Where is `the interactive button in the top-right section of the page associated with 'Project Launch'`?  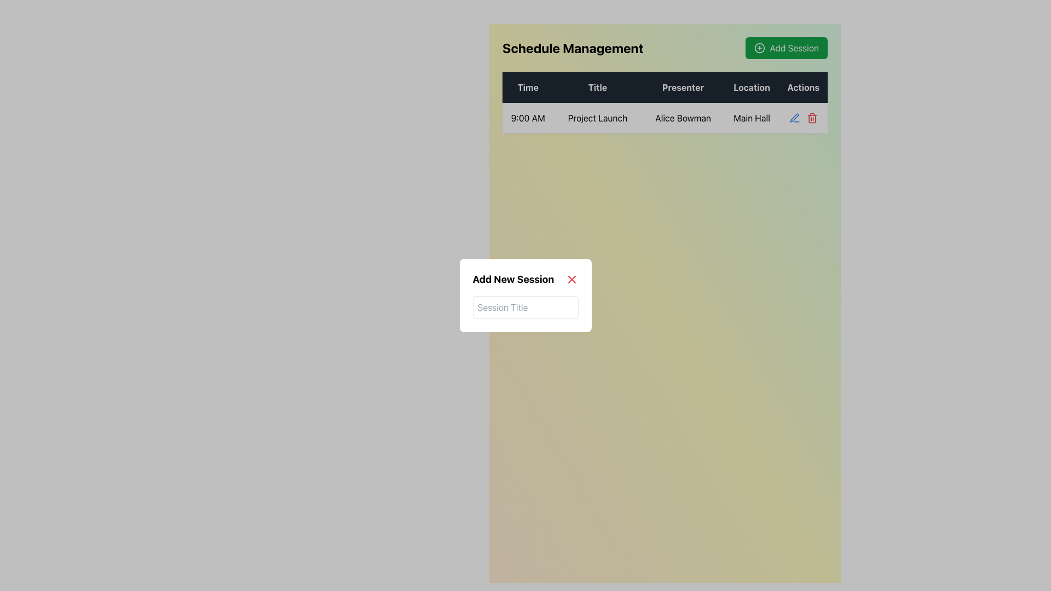 the interactive button in the top-right section of the page associated with 'Project Launch' is located at coordinates (794, 118).